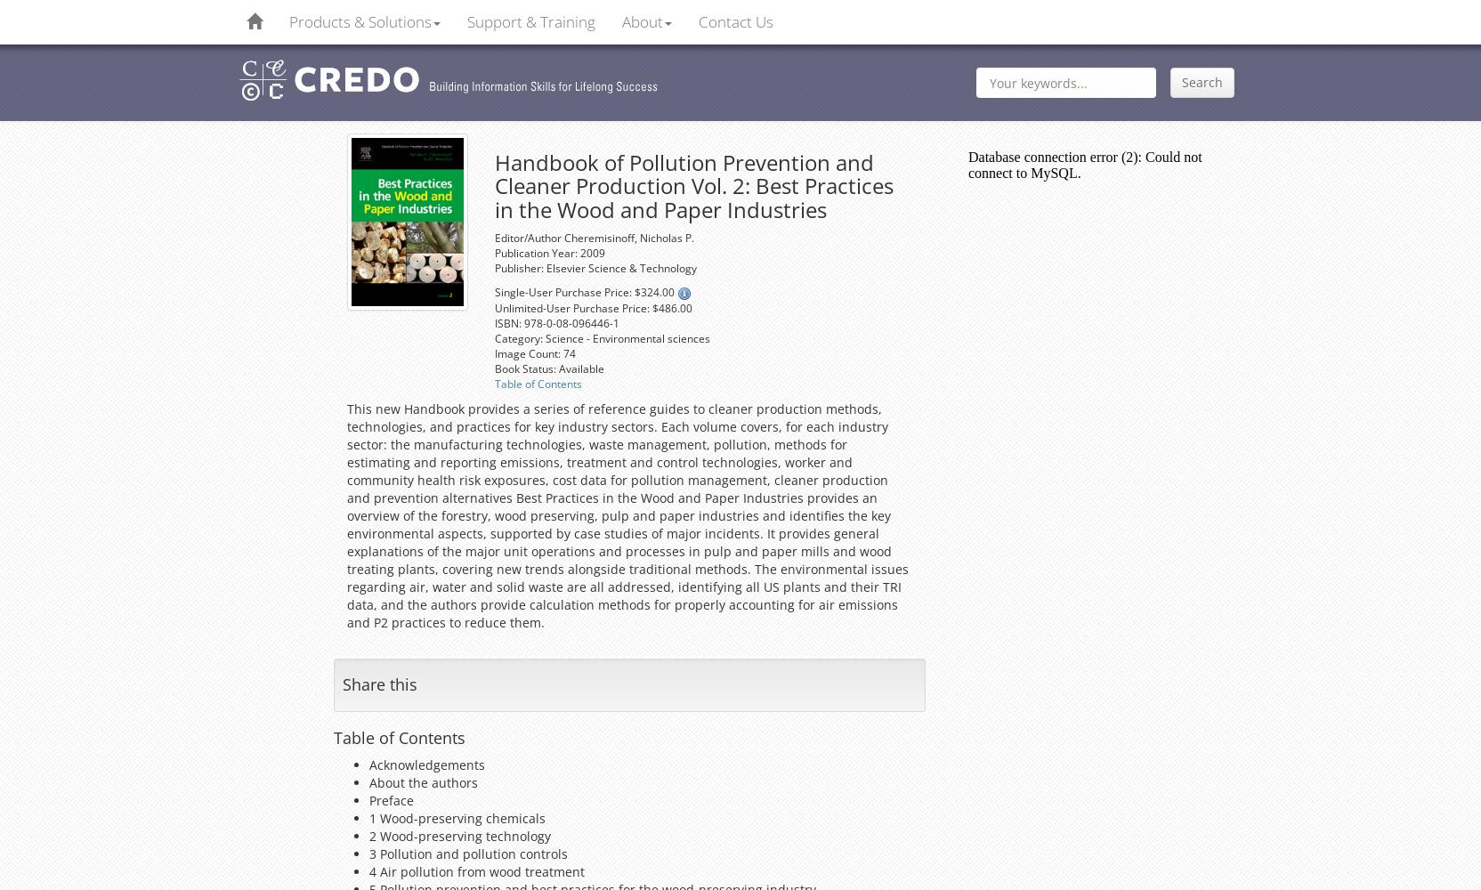 The height and width of the screenshot is (890, 1481). Describe the element at coordinates (623, 337) in the screenshot. I see `': Science - Environmental sciences'` at that location.